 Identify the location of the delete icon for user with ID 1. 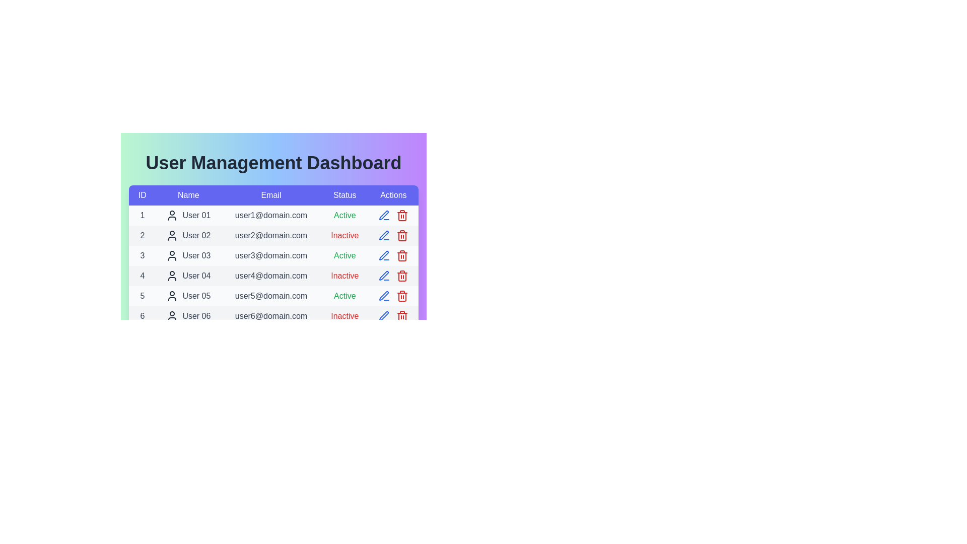
(402, 215).